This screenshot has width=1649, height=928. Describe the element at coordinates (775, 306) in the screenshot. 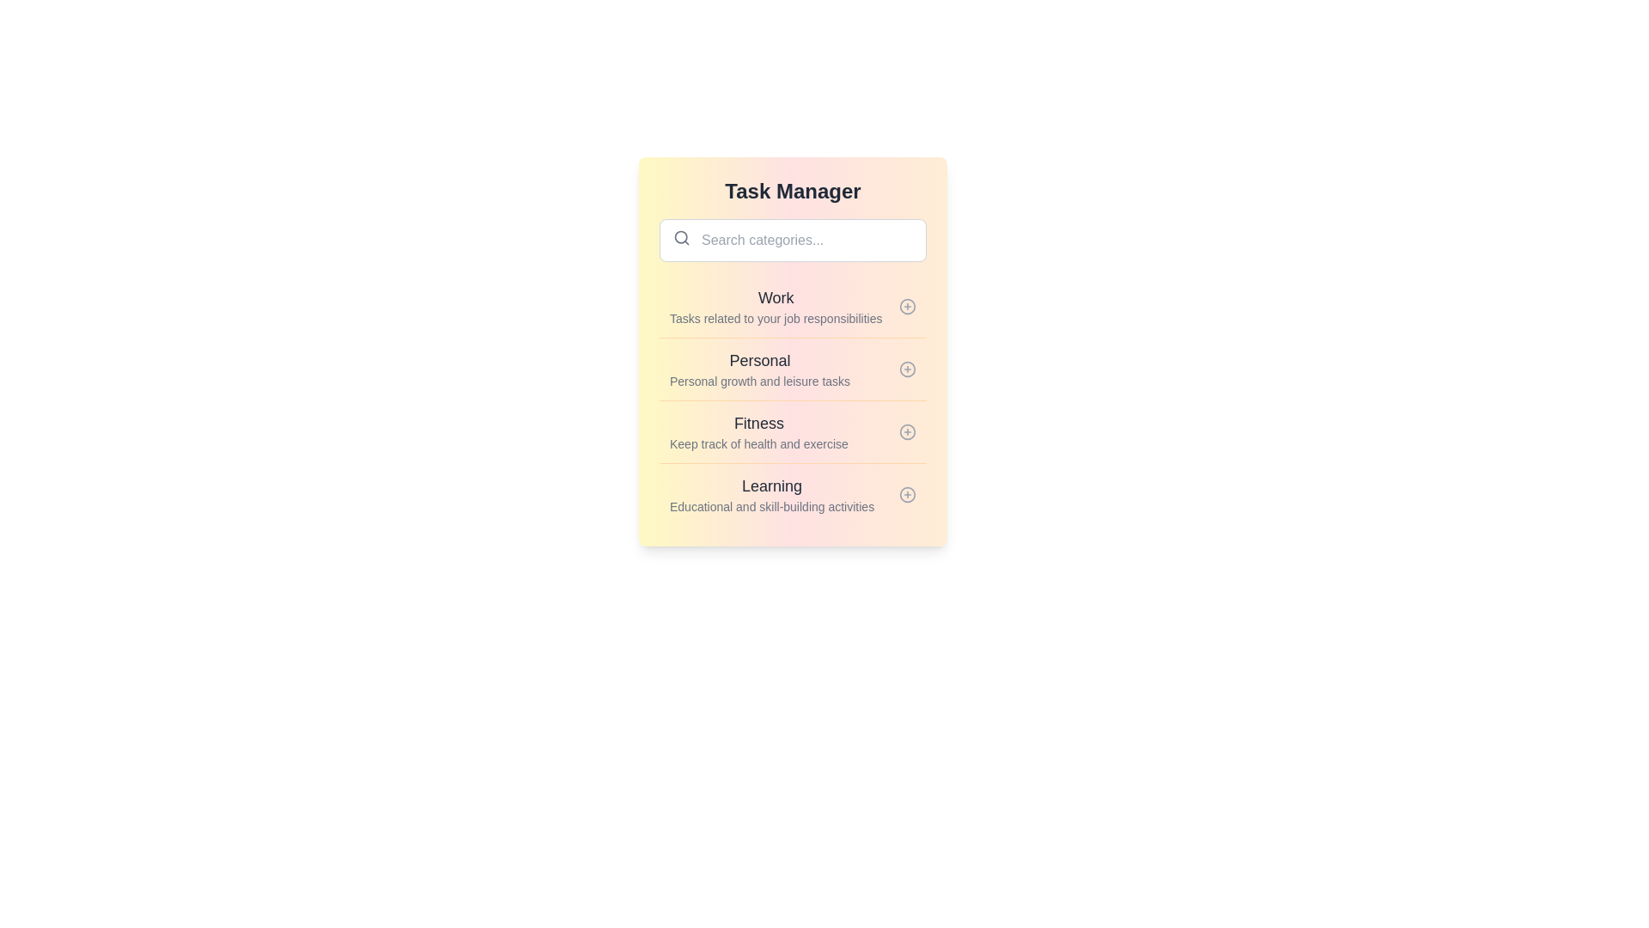

I see `the categorized list item labeled 'work'` at that location.